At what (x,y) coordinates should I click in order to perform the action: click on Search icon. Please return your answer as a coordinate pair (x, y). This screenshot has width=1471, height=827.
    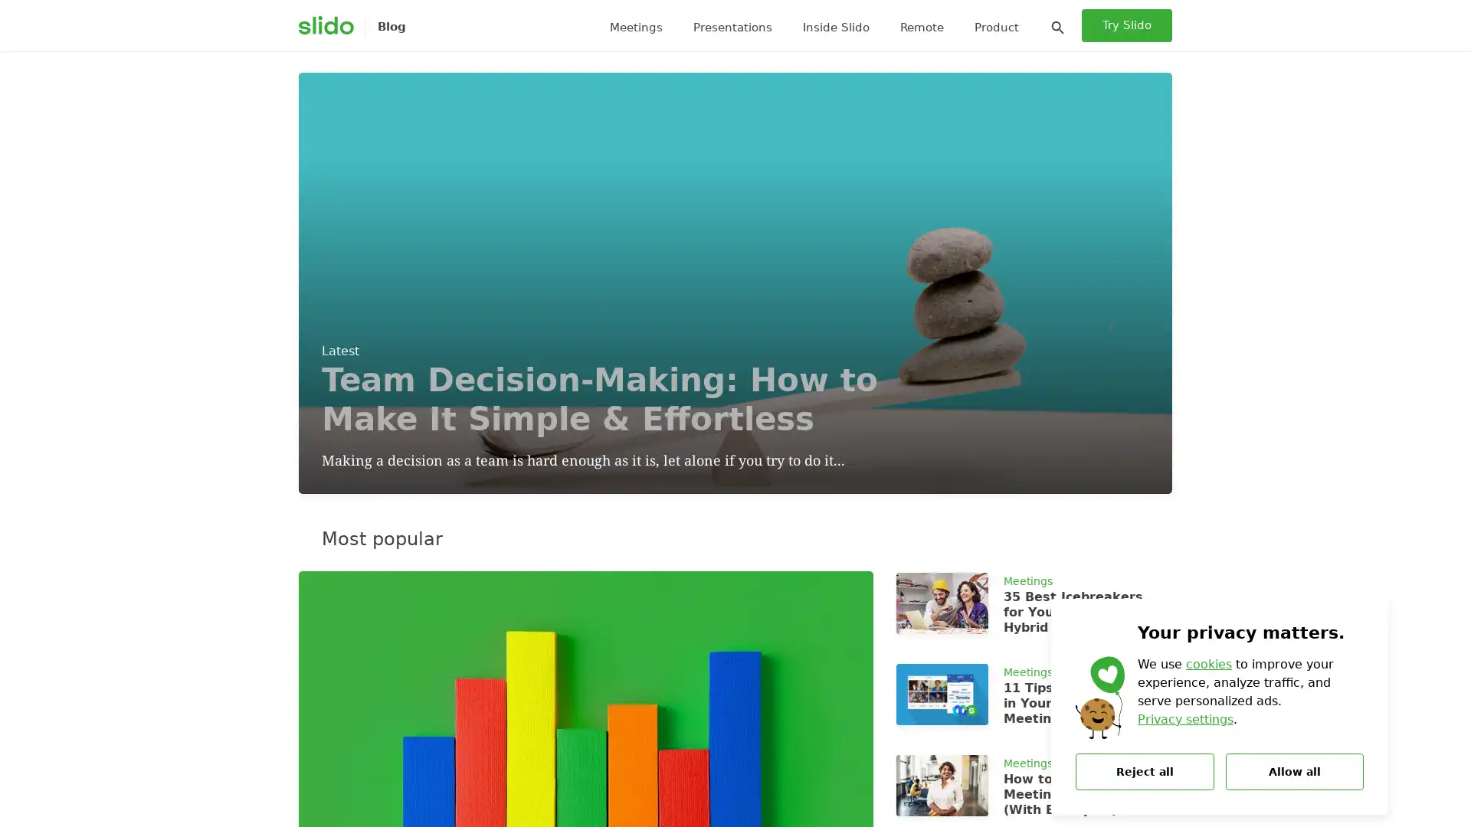
    Looking at the image, I should click on (664, 771).